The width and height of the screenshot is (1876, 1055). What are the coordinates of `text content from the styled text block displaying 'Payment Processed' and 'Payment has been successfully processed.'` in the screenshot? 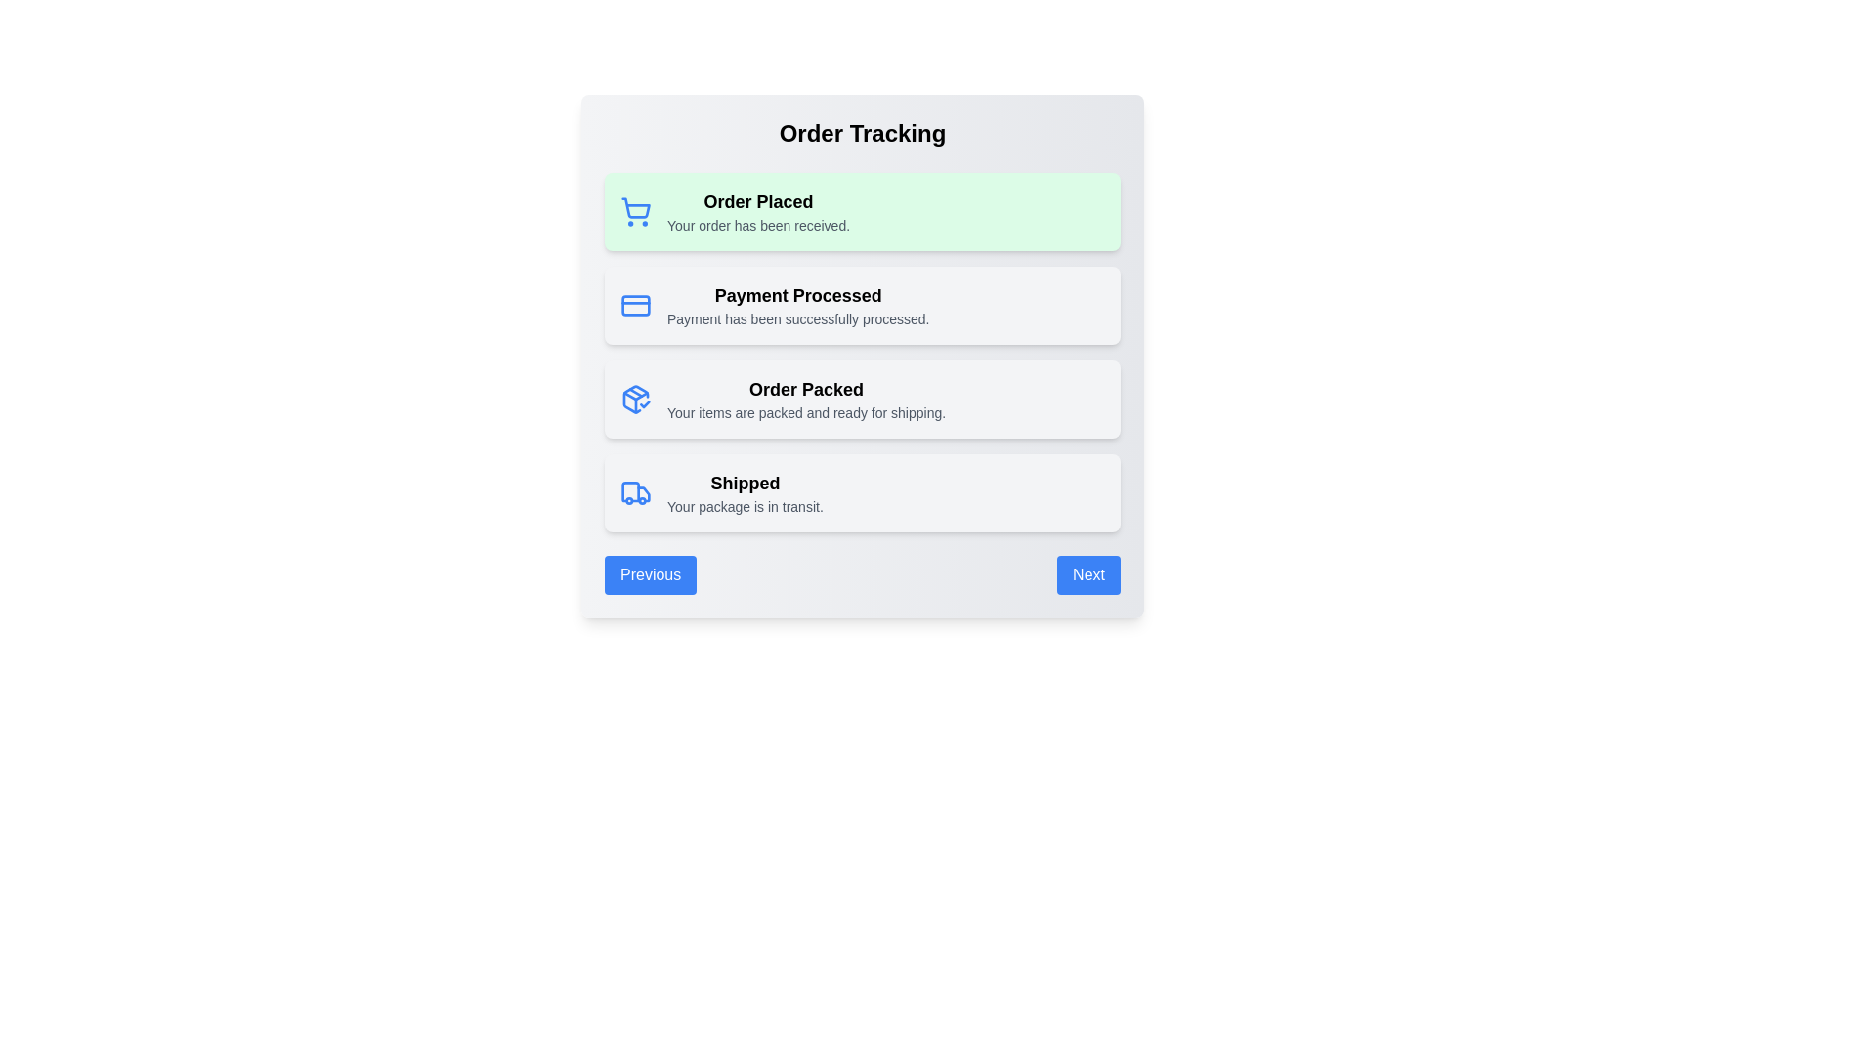 It's located at (798, 305).